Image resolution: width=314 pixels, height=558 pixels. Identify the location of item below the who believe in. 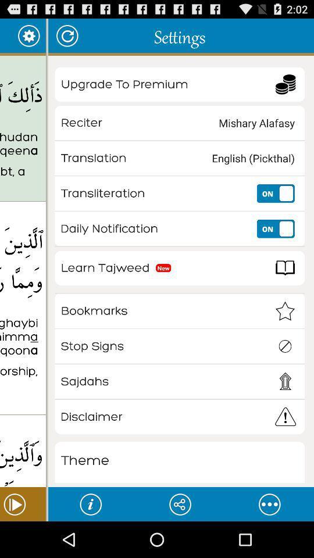
(23, 452).